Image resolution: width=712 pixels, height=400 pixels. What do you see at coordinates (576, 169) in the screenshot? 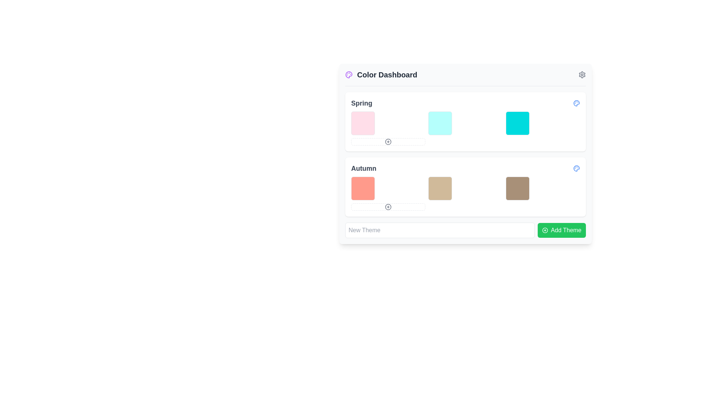
I see `the blue-colored palette icon located next to the text 'Autumn', which features a rounded structure with small circular openings representing paint wells` at bounding box center [576, 169].